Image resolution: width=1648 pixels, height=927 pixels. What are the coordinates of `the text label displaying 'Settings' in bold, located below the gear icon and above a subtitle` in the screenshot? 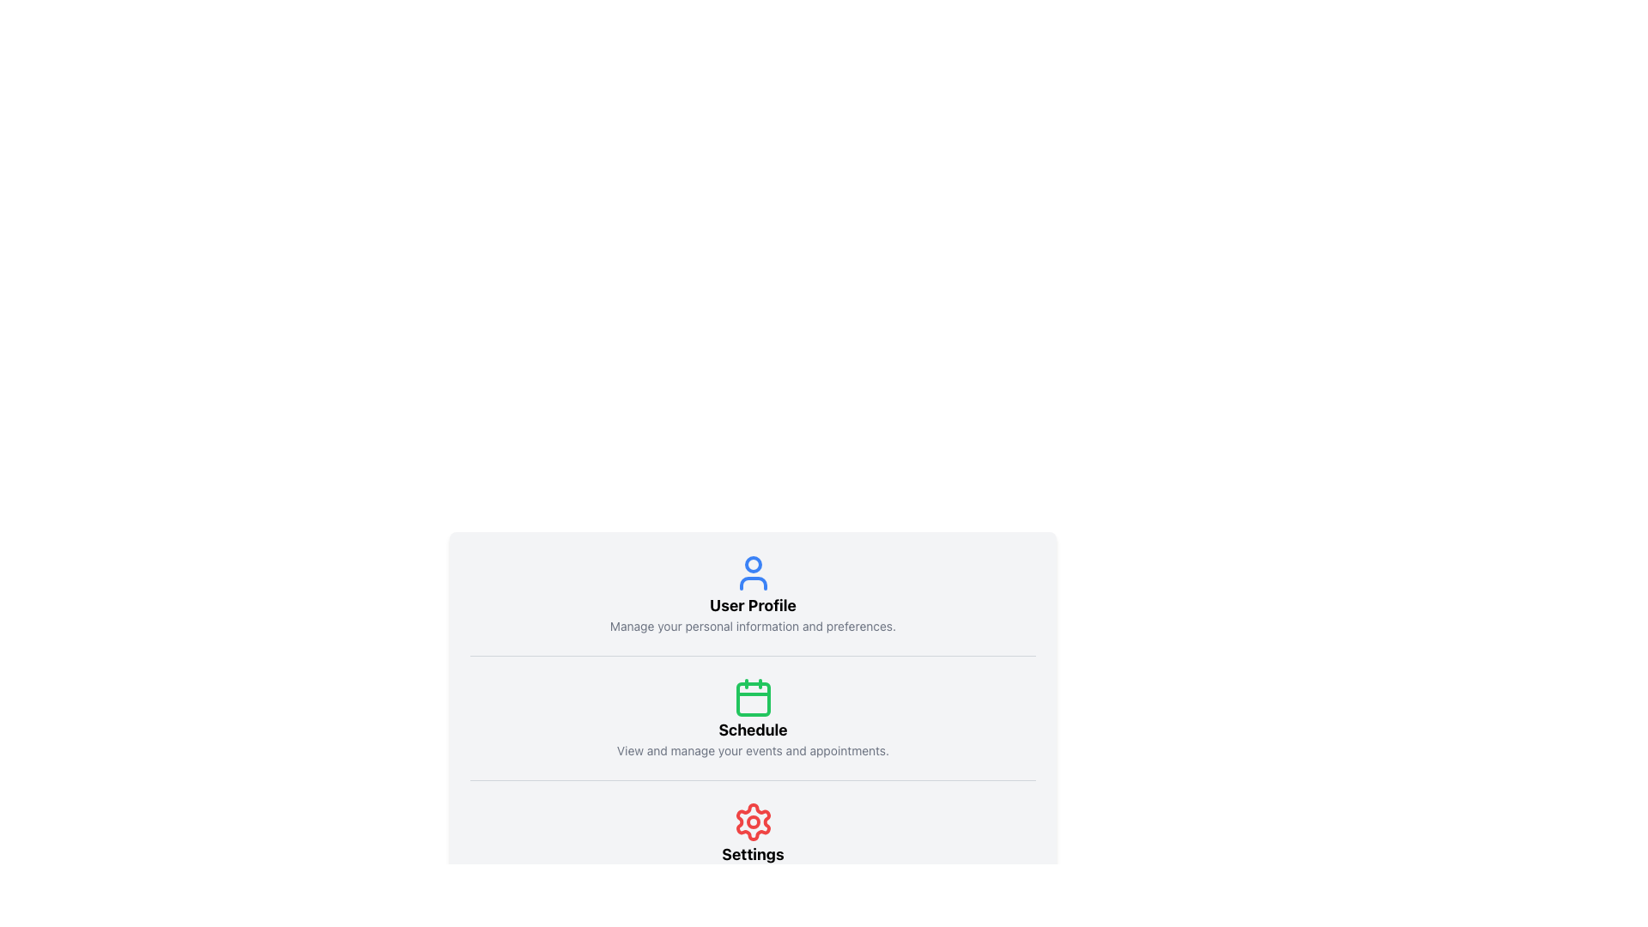 It's located at (753, 854).